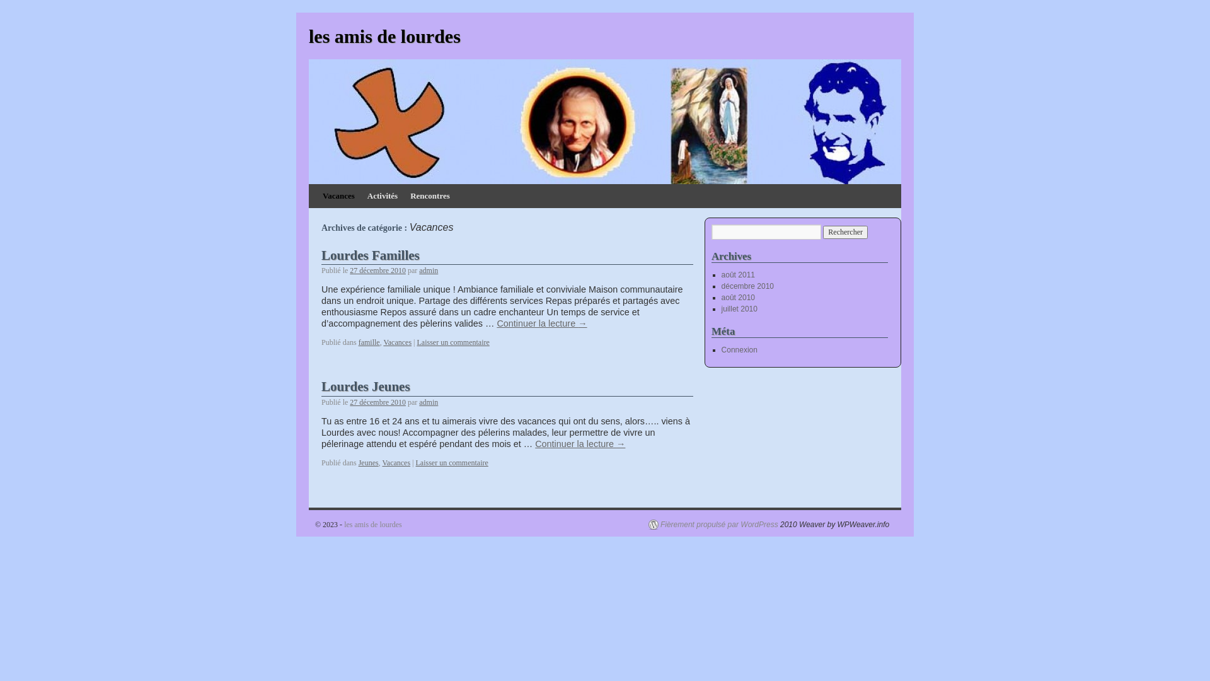  Describe the element at coordinates (722, 308) in the screenshot. I see `'juillet 2010'` at that location.